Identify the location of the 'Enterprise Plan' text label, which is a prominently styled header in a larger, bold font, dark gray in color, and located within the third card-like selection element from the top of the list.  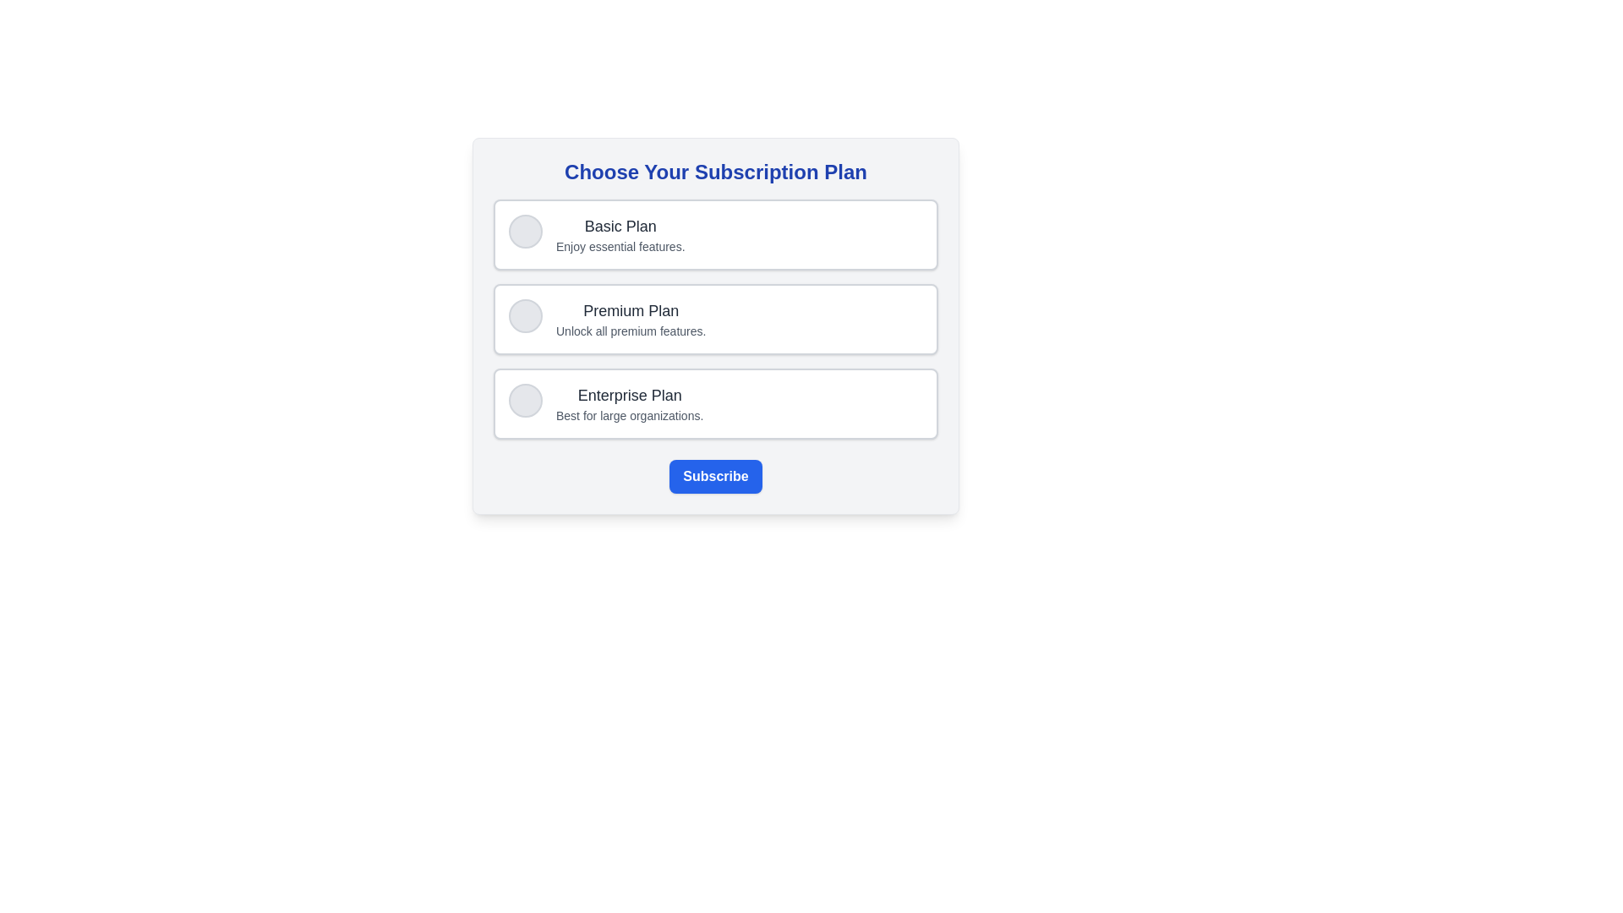
(629, 395).